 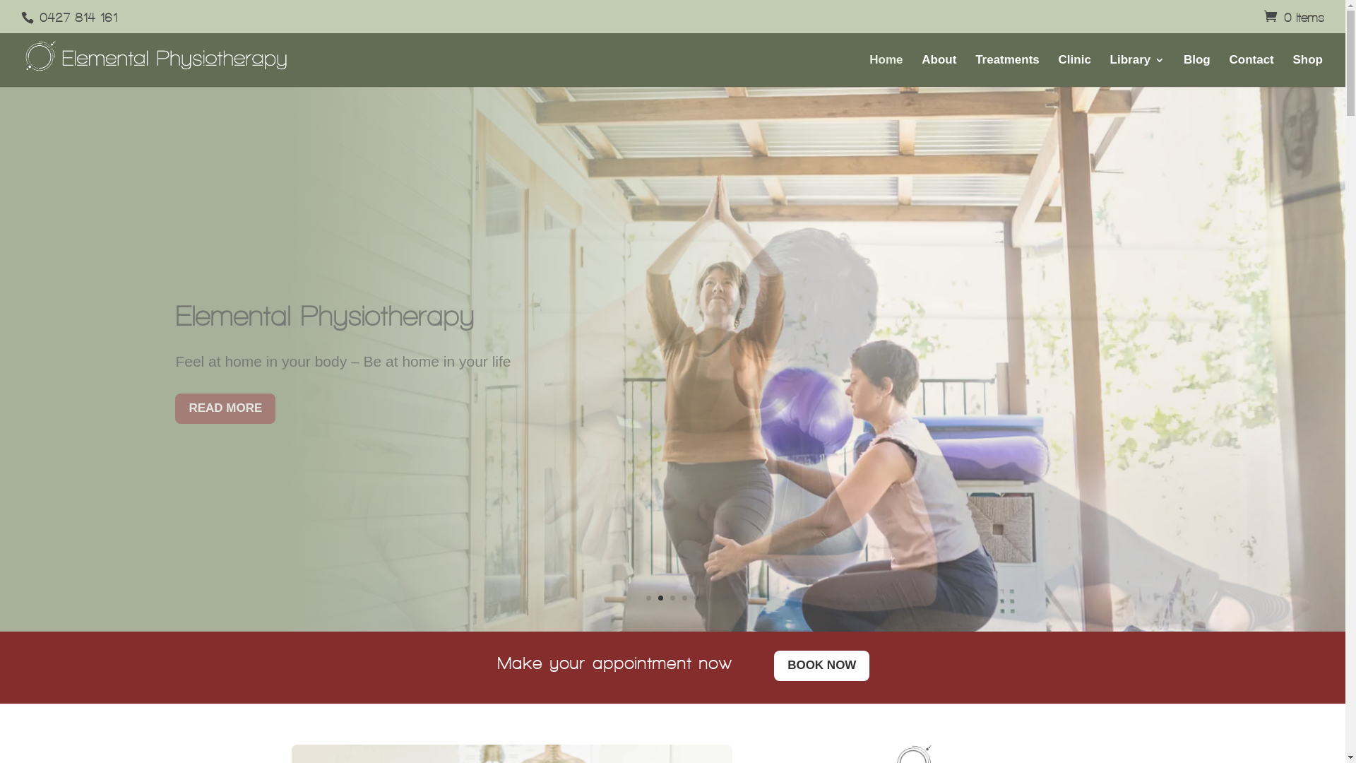 What do you see at coordinates (939, 71) in the screenshot?
I see `'About'` at bounding box center [939, 71].